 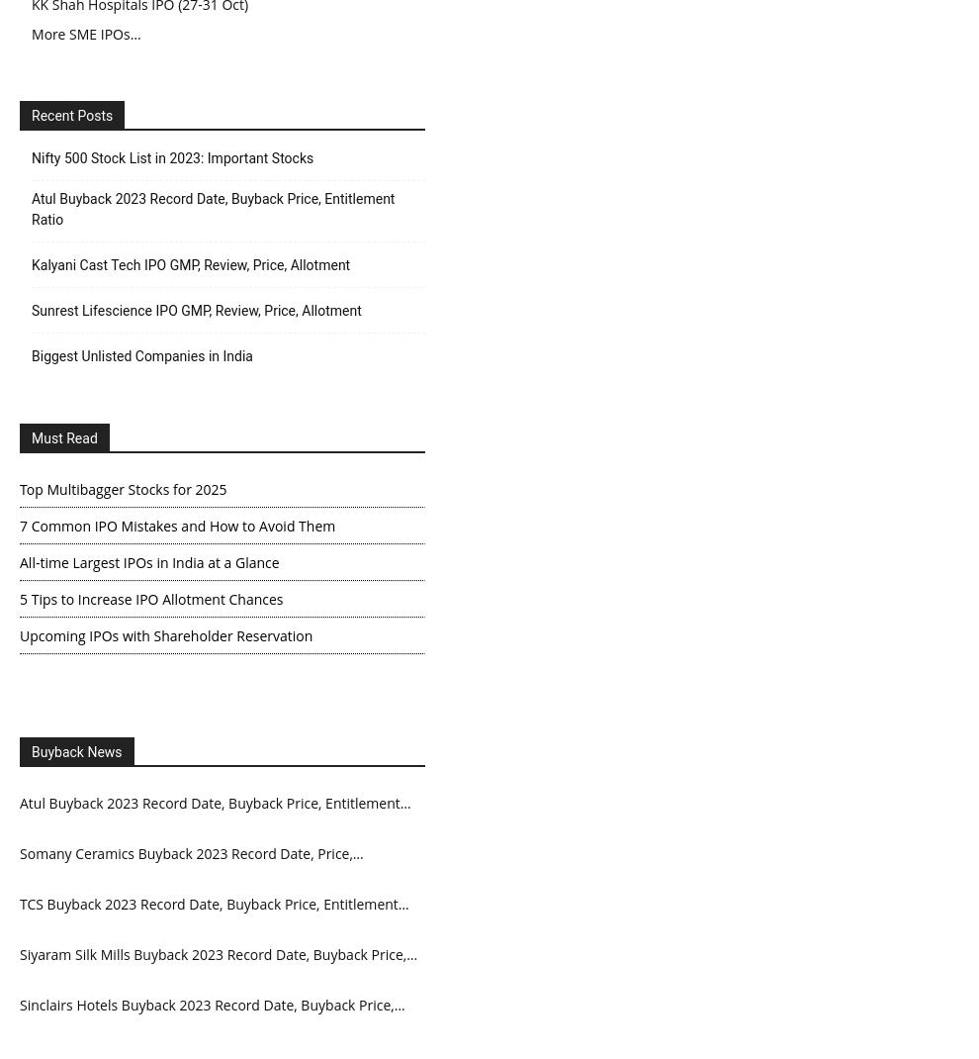 What do you see at coordinates (148, 560) in the screenshot?
I see `'All-time Largest IPOs in India at a Glance'` at bounding box center [148, 560].